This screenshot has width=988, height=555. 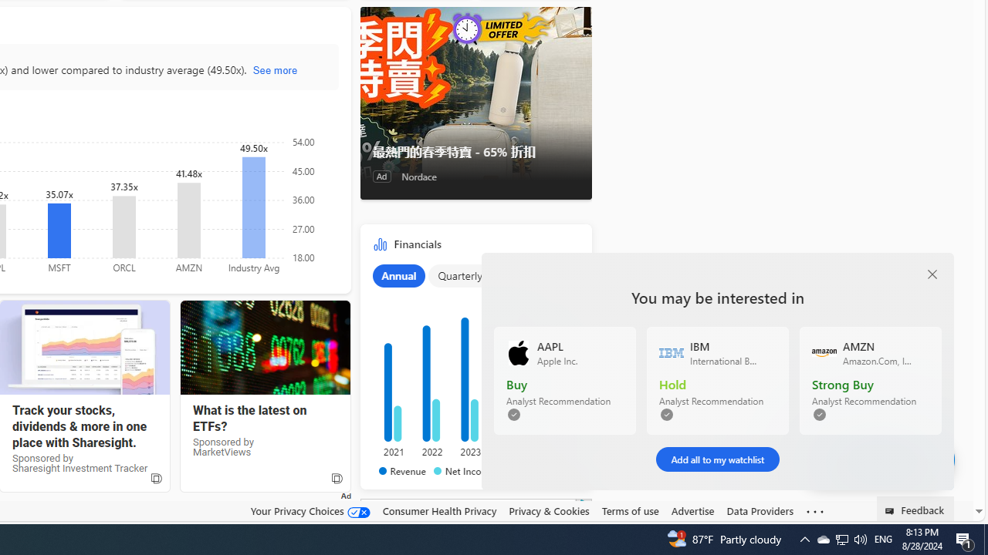 I want to click on 'MarketViews', so click(x=265, y=348).